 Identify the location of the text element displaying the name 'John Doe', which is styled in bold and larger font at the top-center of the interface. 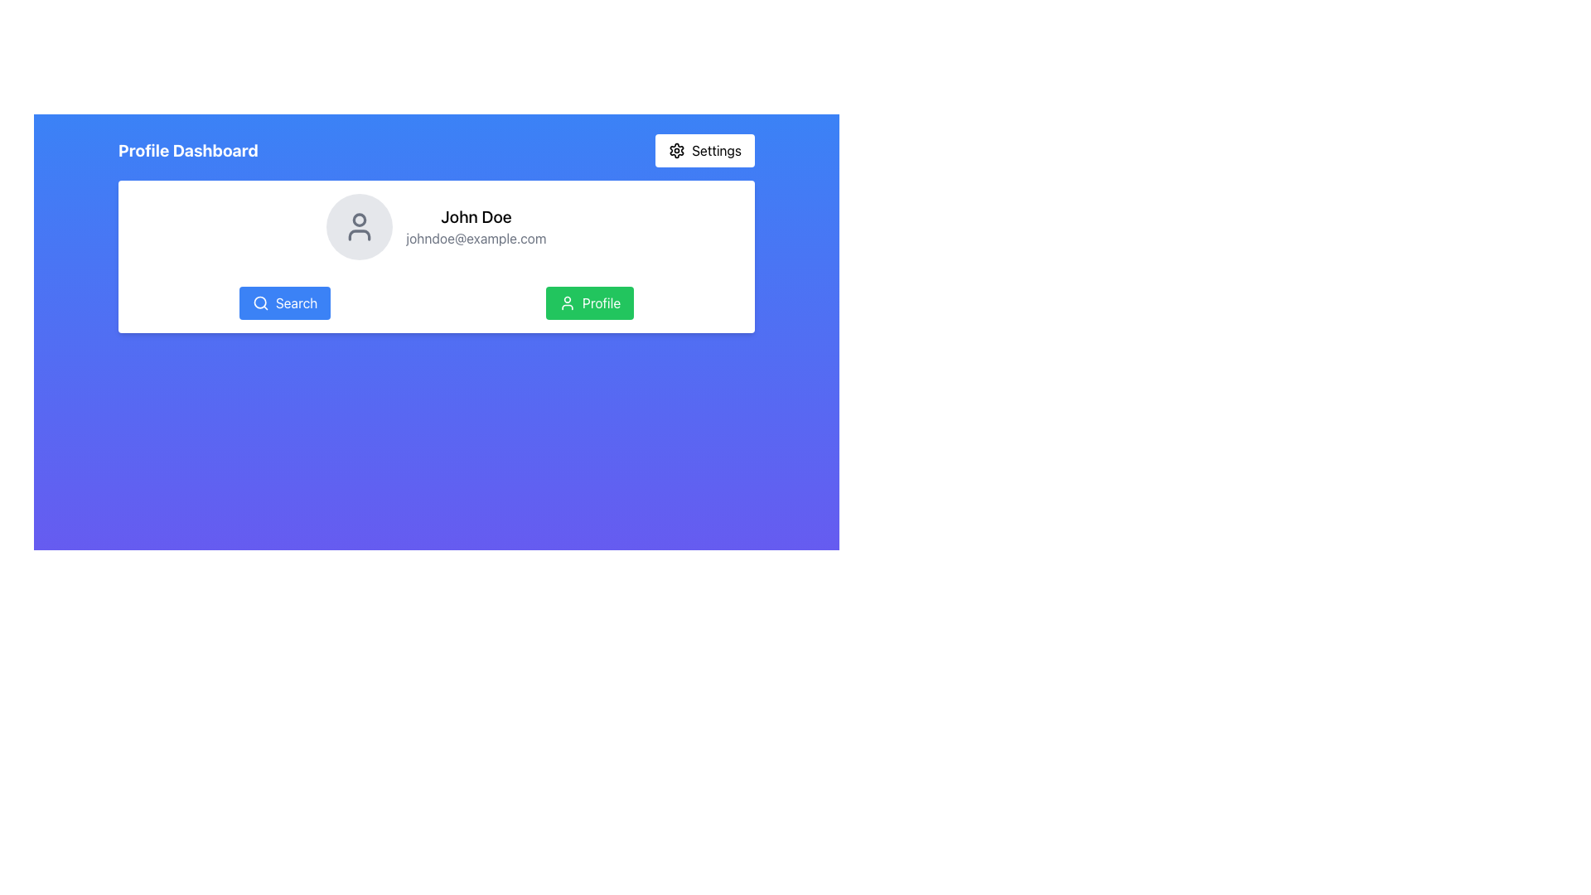
(476, 216).